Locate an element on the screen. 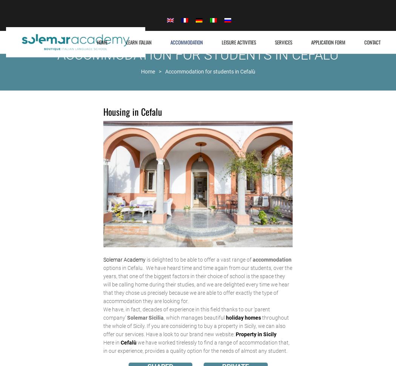 This screenshot has width=396, height=366. 'Housing in Cefalu' is located at coordinates (132, 111).